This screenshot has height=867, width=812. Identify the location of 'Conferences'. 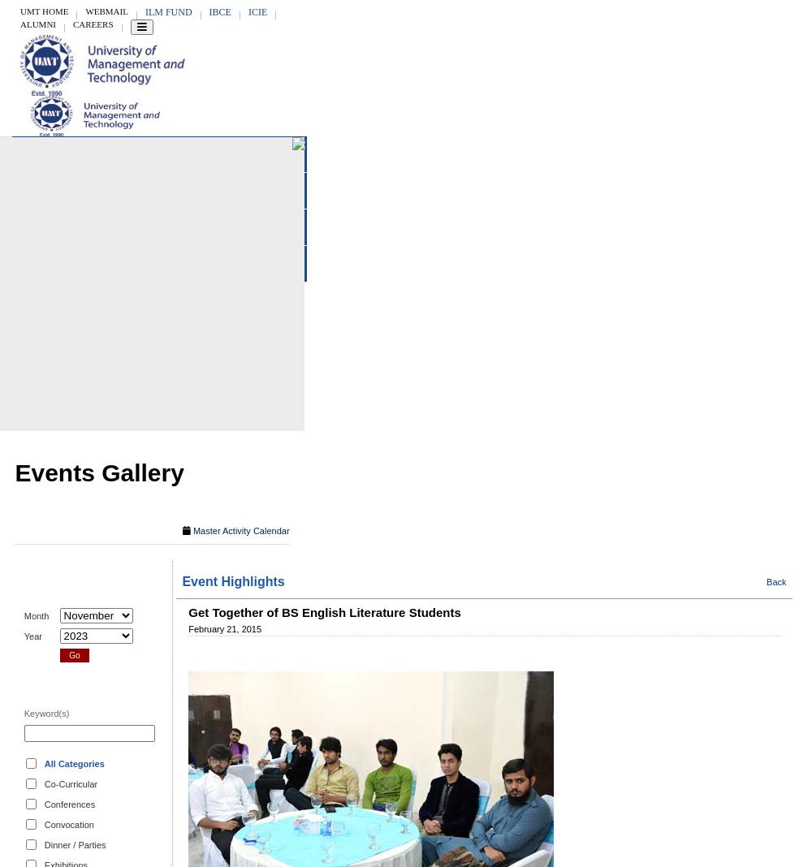
(68, 804).